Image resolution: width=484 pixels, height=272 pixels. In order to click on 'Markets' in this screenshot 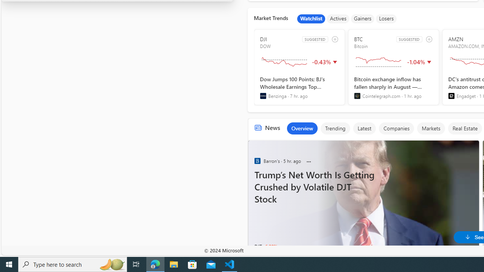, I will do `click(431, 128)`.